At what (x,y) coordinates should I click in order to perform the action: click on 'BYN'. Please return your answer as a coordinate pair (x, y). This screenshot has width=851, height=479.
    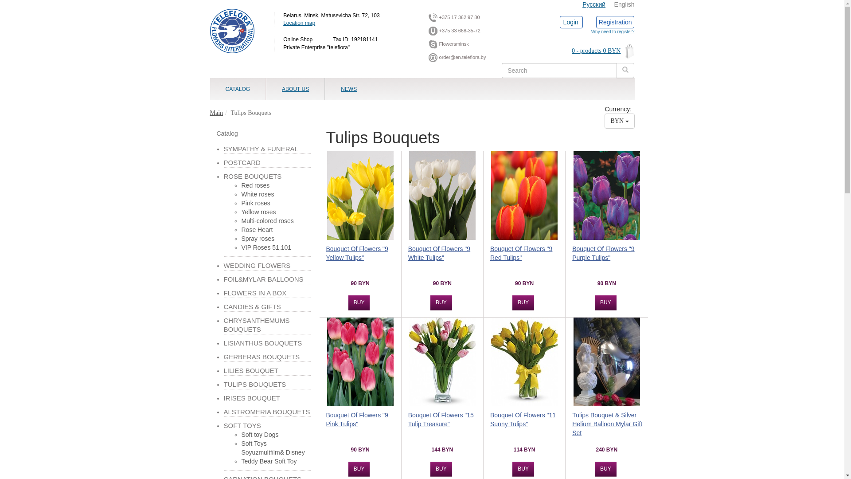
    Looking at the image, I should click on (619, 121).